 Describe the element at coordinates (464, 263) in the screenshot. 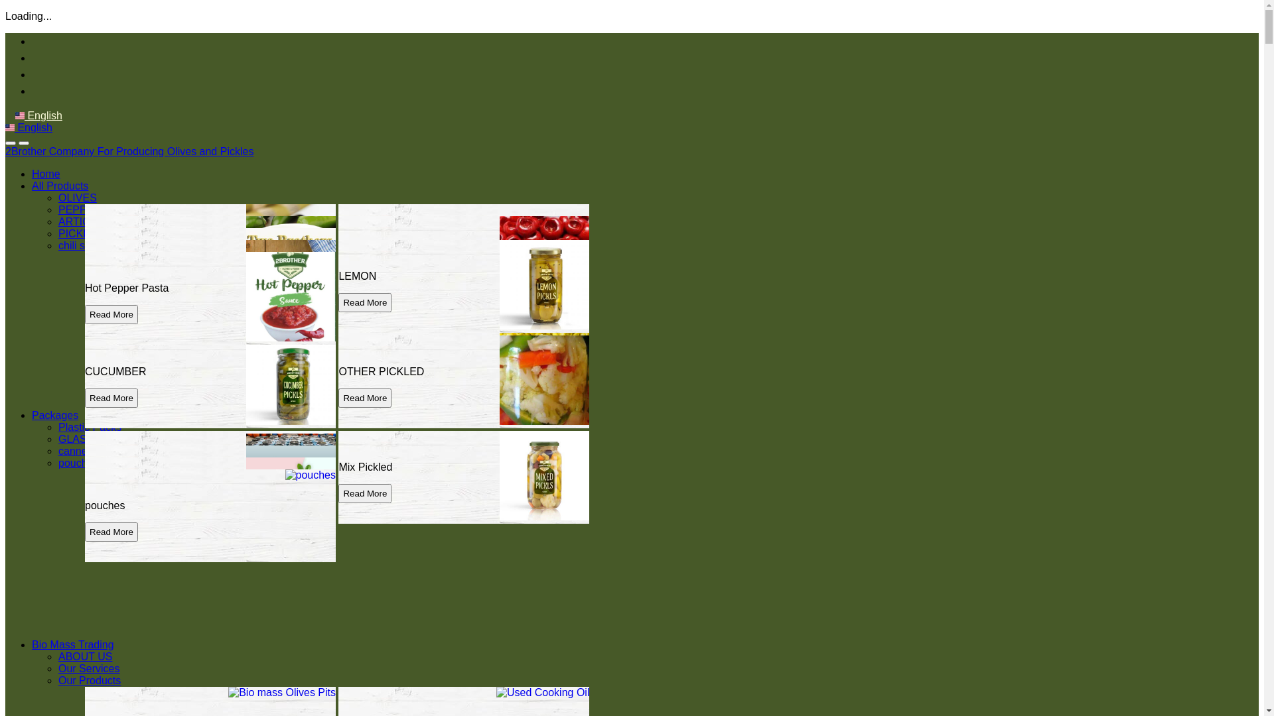

I see `'CHERRY PEPPER` at that location.